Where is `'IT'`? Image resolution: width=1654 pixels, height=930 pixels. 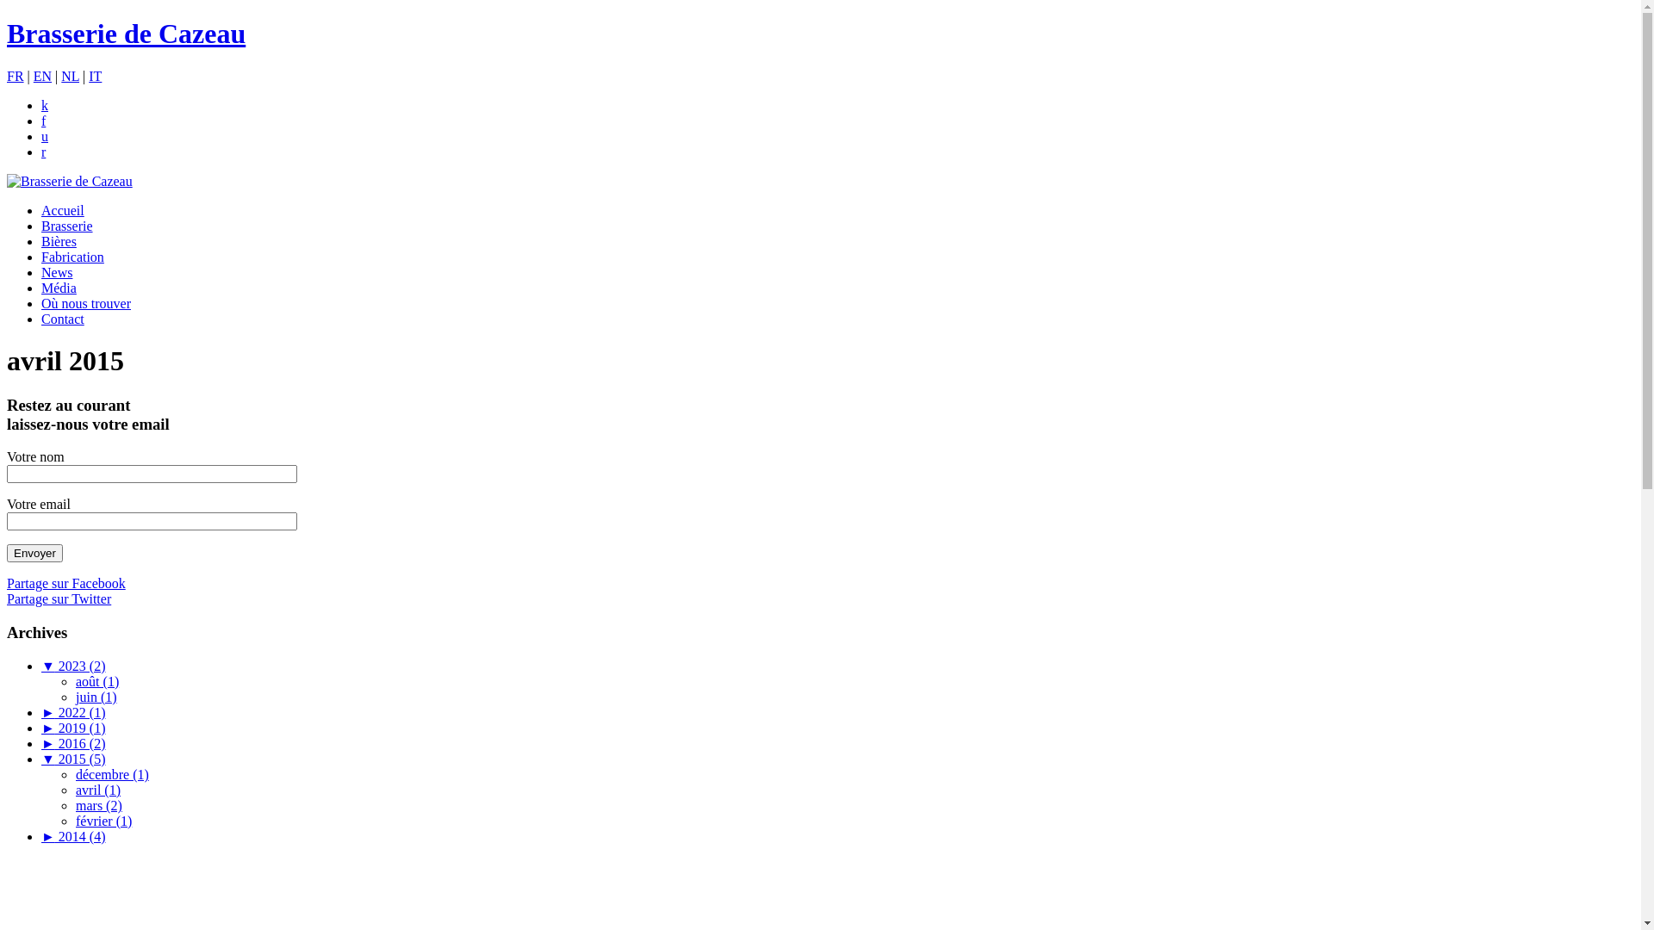
'IT' is located at coordinates (94, 75).